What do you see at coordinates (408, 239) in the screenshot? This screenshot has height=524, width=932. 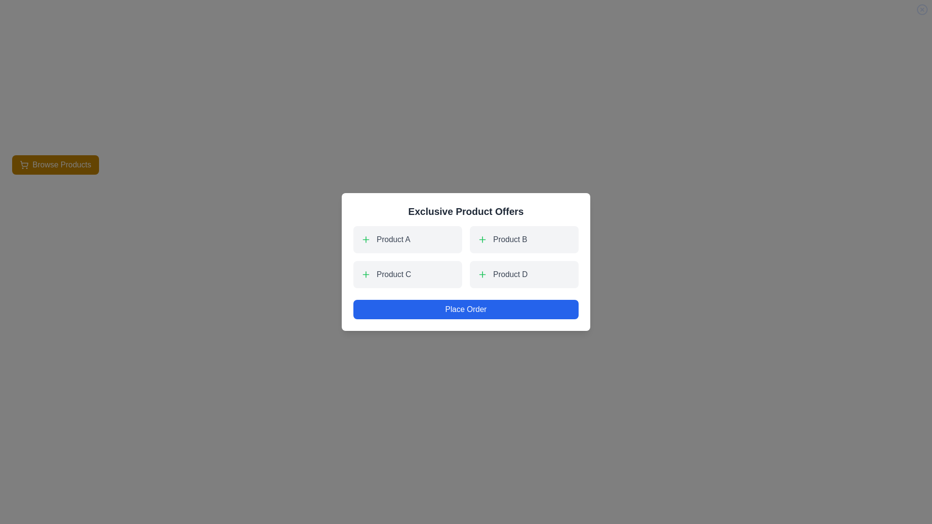 I see `the interactive card or button that provides information about 'Product A', located in the top-left position of the modal titled 'Exclusive Product Offers'` at bounding box center [408, 239].